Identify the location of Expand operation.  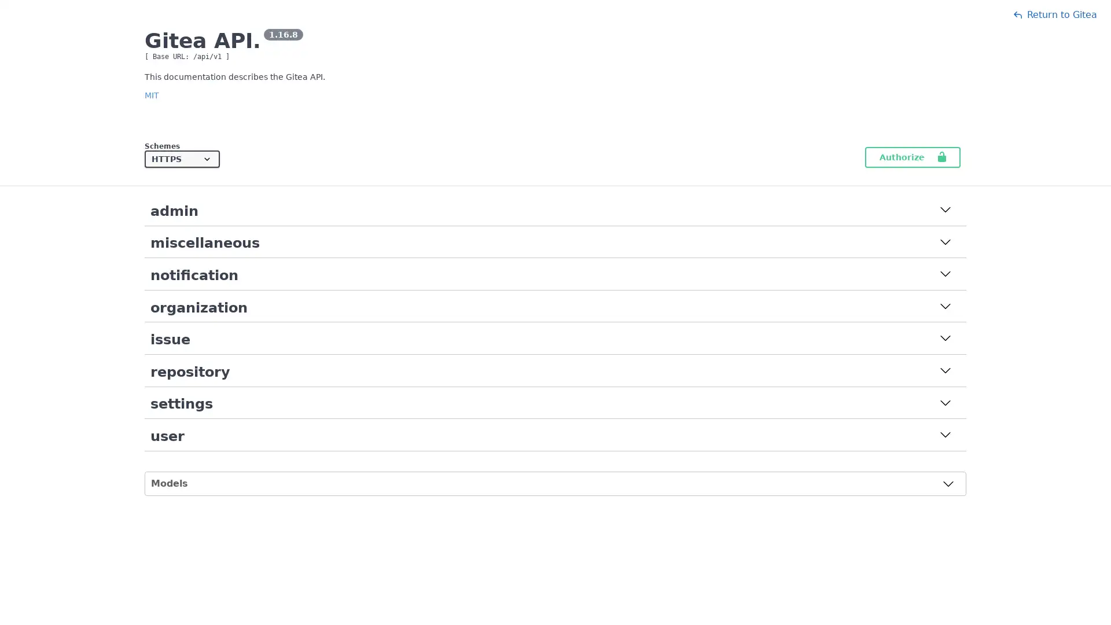
(945, 371).